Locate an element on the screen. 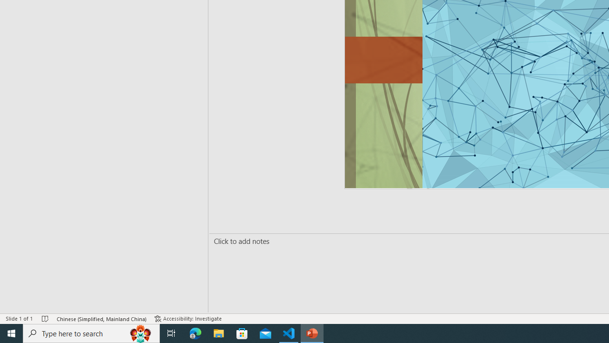 Image resolution: width=609 pixels, height=343 pixels. 'Type here to search' is located at coordinates (91, 333).